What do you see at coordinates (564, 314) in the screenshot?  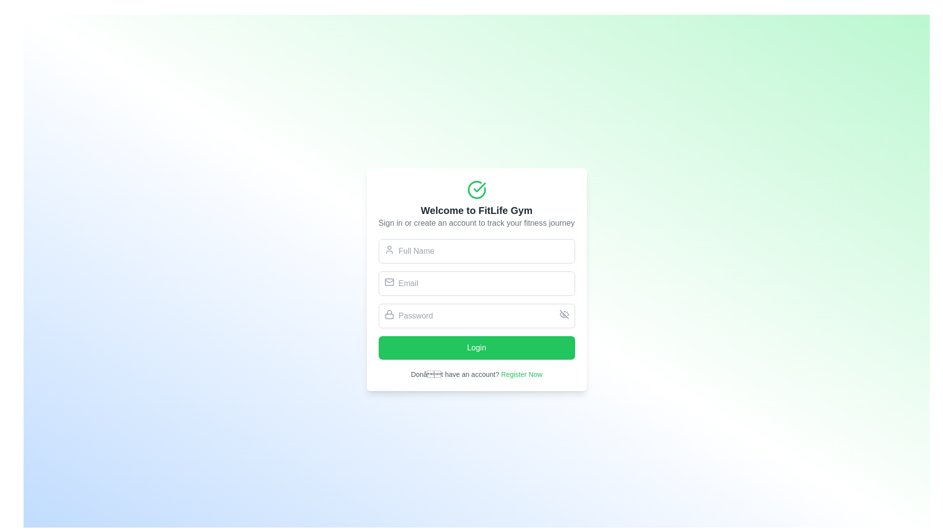 I see `the 'crossed-eye' icon indicating 'hidden' or 'not visible', located to the right of the password input field` at bounding box center [564, 314].